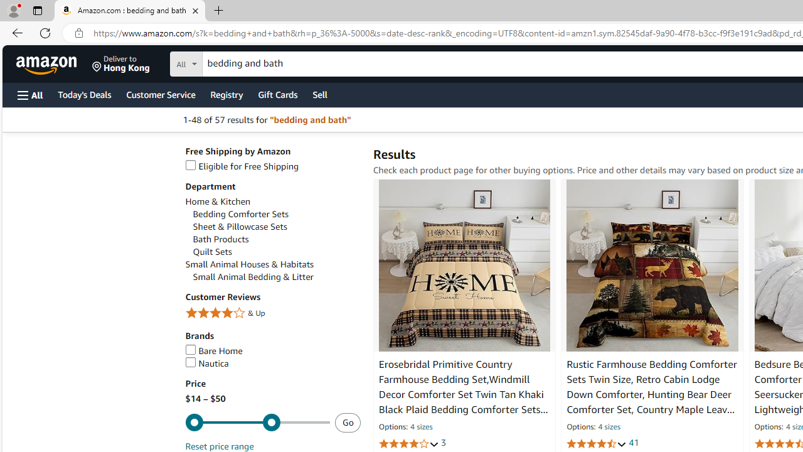 The height and width of the screenshot is (452, 803). Describe the element at coordinates (160, 94) in the screenshot. I see `'Customer Service'` at that location.